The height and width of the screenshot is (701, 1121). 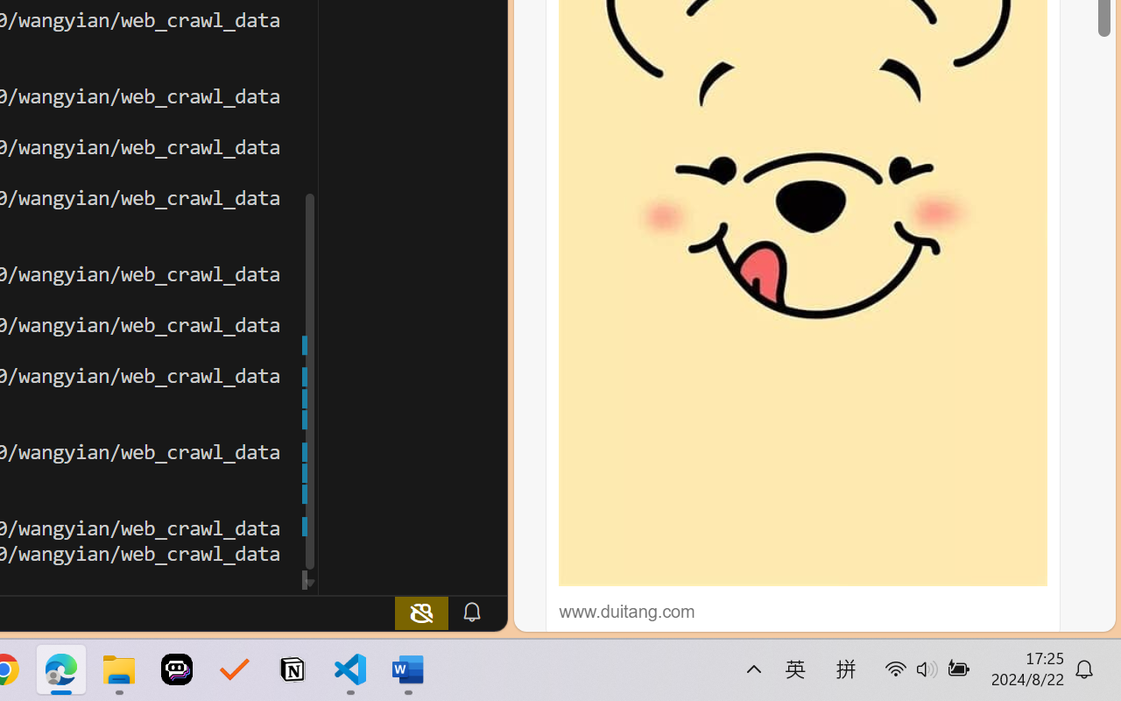 What do you see at coordinates (471, 612) in the screenshot?
I see `'Notifications'` at bounding box center [471, 612].